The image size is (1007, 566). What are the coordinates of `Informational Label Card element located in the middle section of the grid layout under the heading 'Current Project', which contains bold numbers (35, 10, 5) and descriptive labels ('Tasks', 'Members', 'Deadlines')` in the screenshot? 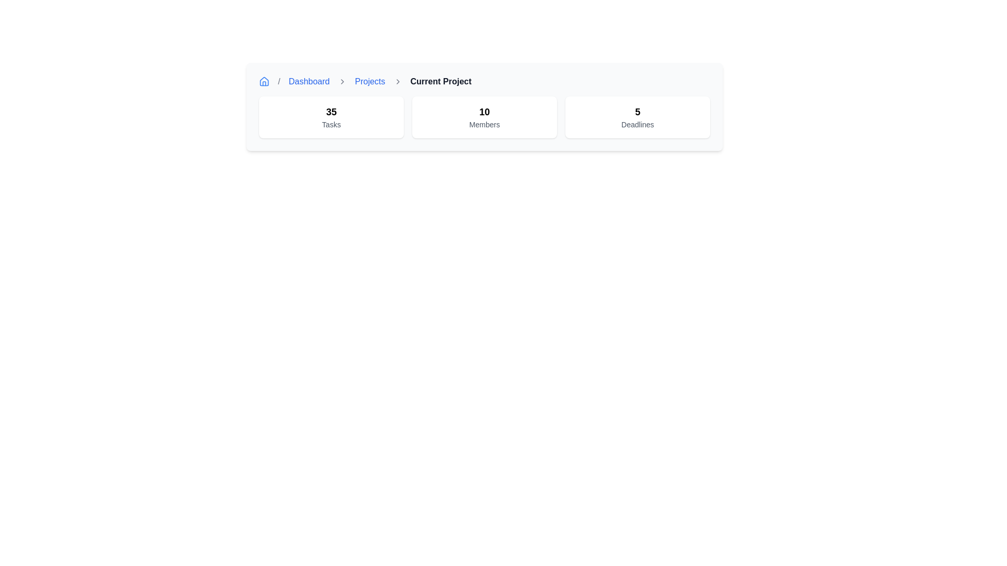 It's located at (484, 107).